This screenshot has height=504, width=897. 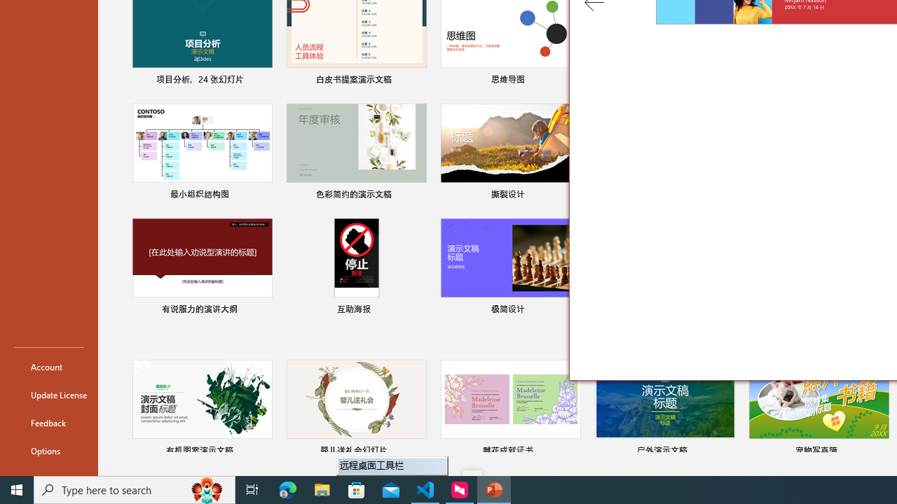 I want to click on 'Pin to list', so click(x=879, y=451).